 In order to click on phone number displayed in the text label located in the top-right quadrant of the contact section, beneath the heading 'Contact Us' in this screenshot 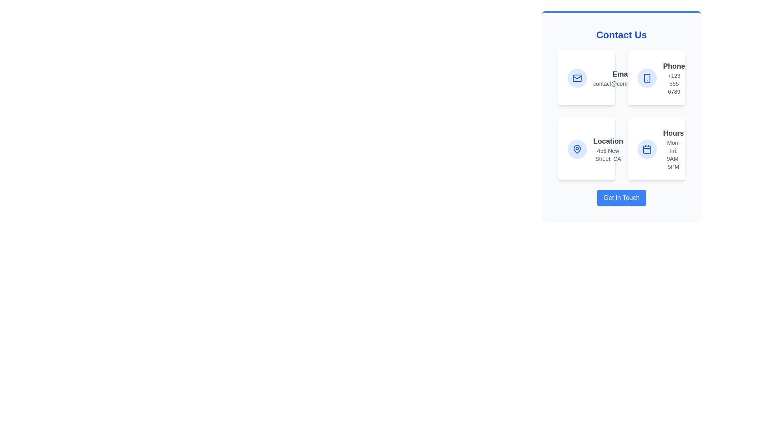, I will do `click(674, 83)`.